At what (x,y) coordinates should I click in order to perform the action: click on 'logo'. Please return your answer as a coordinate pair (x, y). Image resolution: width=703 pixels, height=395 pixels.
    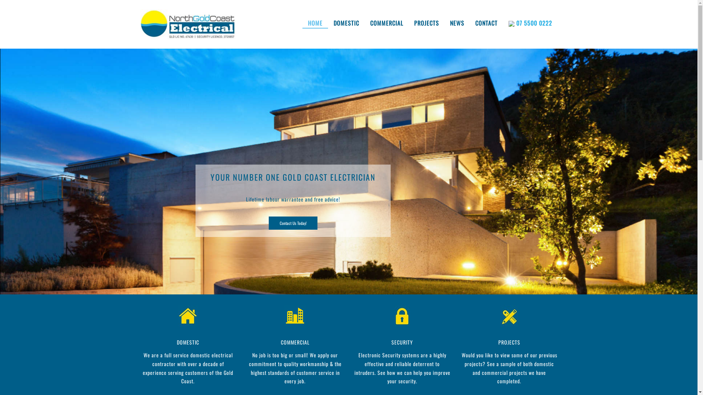
    Looking at the image, I should click on (188, 24).